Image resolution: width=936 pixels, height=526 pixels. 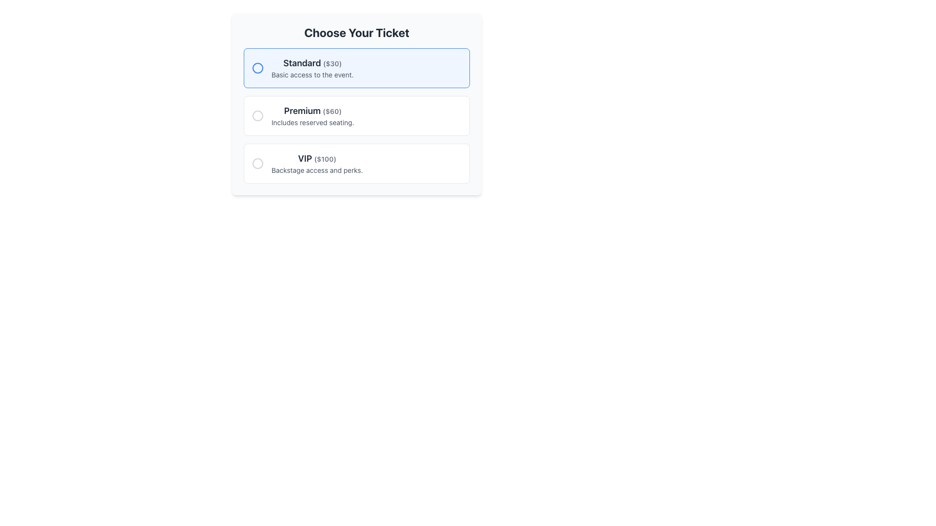 What do you see at coordinates (356, 163) in the screenshot?
I see `the VIP ticket option card, which is a rectangular card with rounded corners, containing the title 'VIP ($100)' and description 'Backstage access and perks.' It is the bottom option in the 'Choose Your Ticket' group` at bounding box center [356, 163].